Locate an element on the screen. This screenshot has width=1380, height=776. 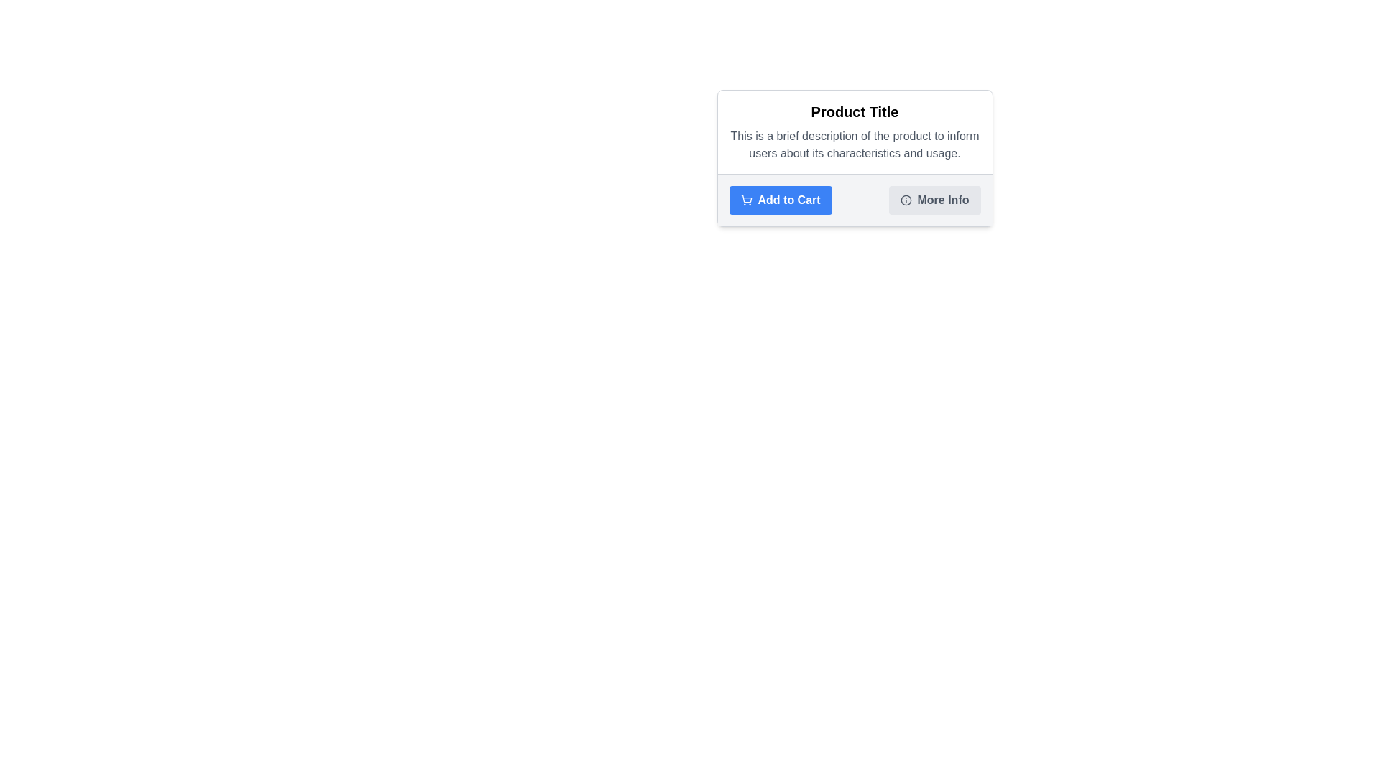
the bold, large-sized text label reading 'Product Title', which is centrally positioned at the top of a content card is located at coordinates (855, 111).